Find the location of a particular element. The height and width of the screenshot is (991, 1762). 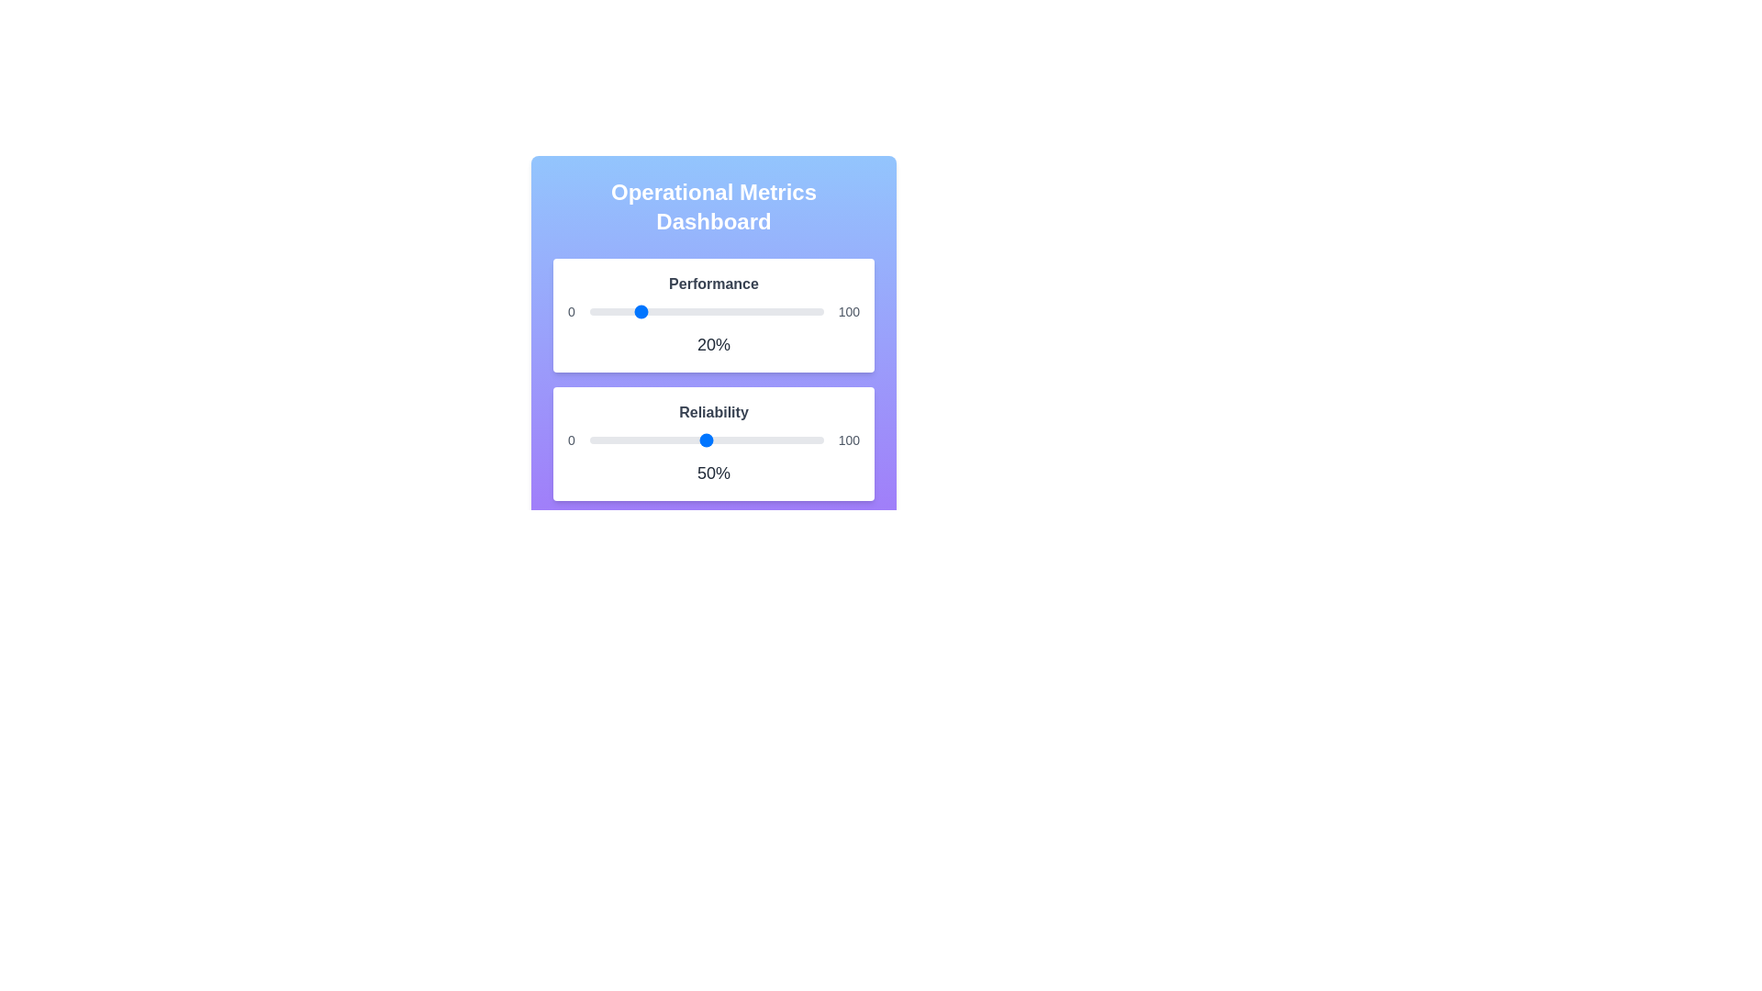

the slider value is located at coordinates (809, 310).